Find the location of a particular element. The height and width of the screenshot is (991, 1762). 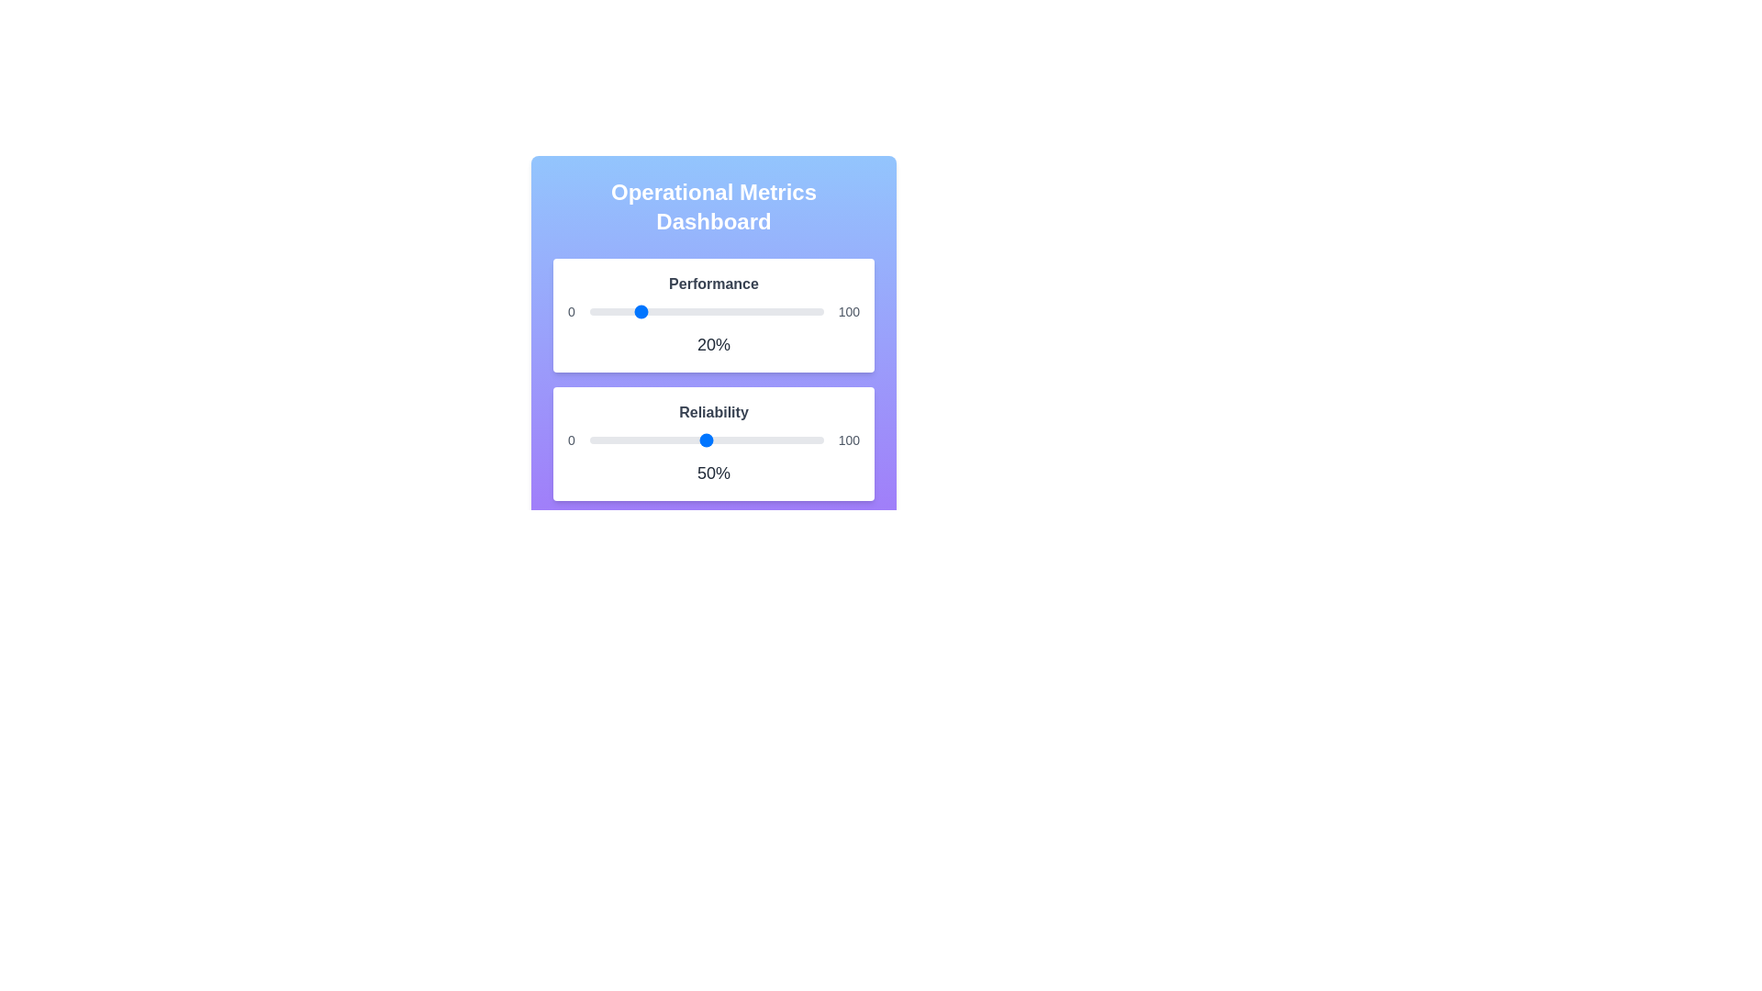

the slider value is located at coordinates (809, 310).